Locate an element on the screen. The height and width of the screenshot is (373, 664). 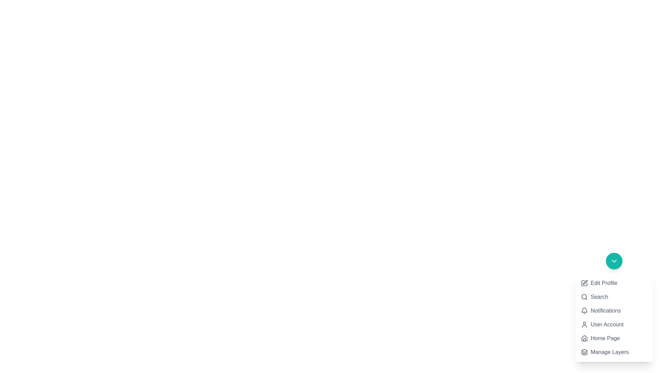
the 'Manage Layers' label in the vertical menu is located at coordinates (610, 352).